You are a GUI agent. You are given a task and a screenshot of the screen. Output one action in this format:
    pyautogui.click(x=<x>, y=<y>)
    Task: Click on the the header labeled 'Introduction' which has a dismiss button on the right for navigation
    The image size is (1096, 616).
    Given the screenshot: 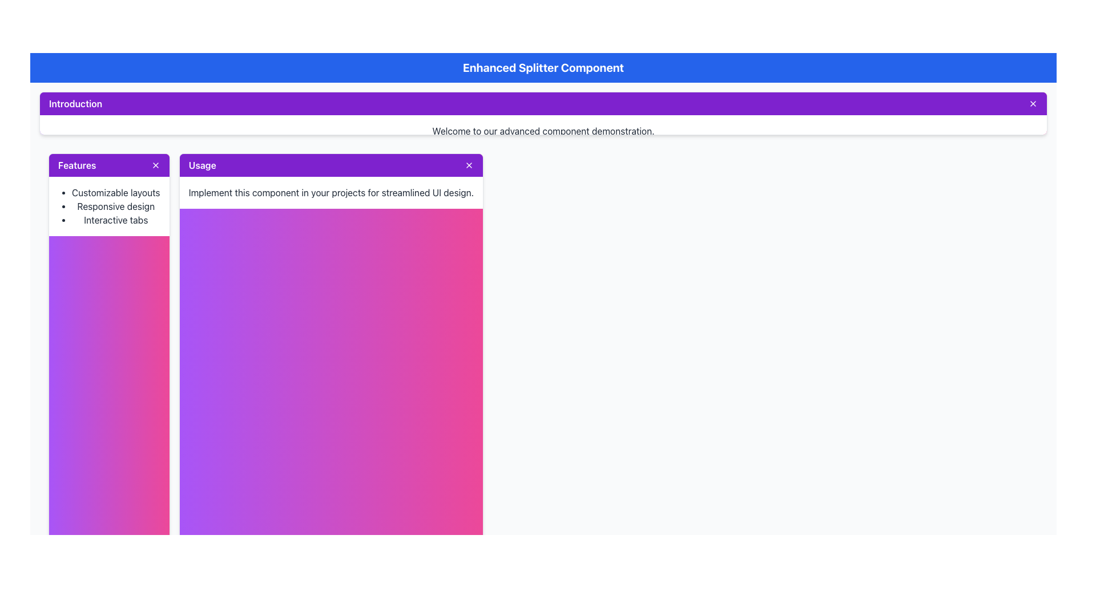 What is the action you would take?
    pyautogui.click(x=542, y=112)
    